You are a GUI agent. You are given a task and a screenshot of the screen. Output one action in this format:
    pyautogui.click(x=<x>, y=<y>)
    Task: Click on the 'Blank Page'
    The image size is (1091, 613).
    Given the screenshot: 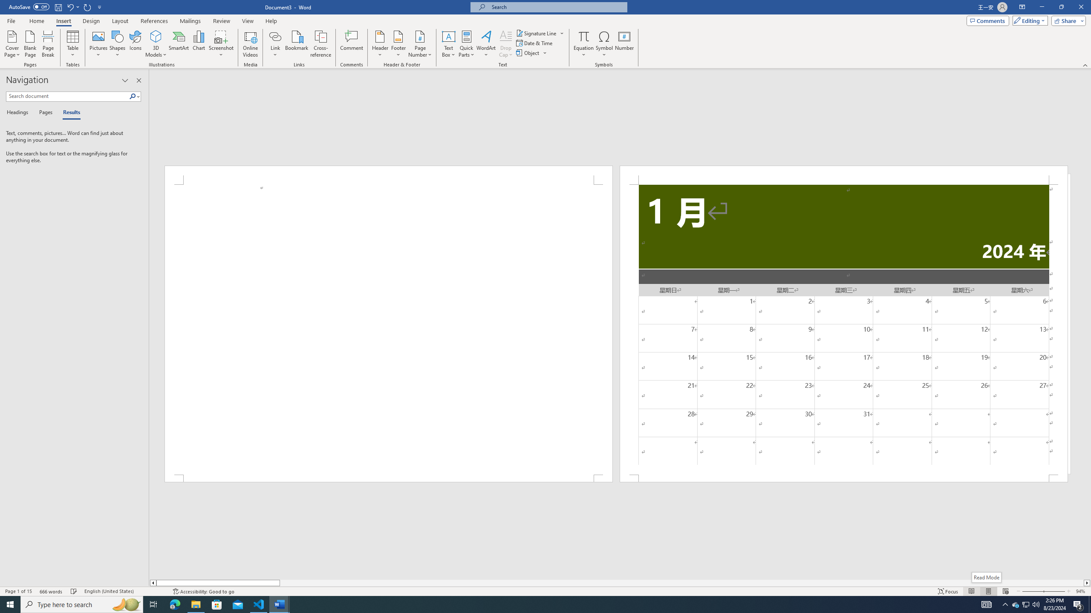 What is the action you would take?
    pyautogui.click(x=30, y=44)
    